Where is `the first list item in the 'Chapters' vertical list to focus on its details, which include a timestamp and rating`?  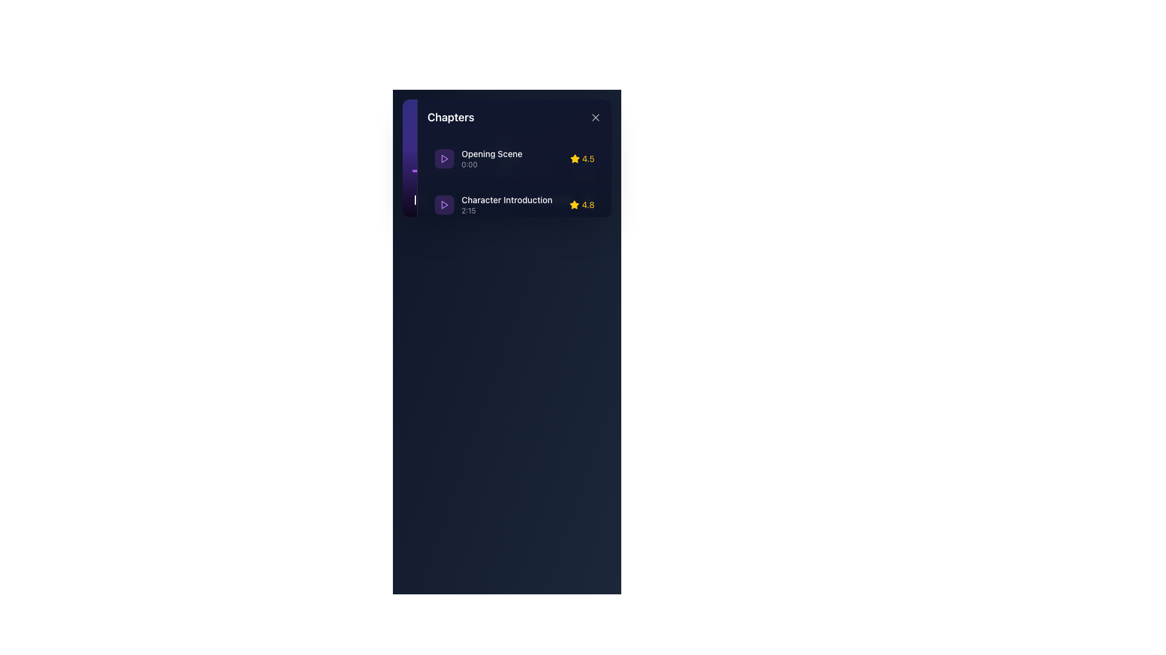 the first list item in the 'Chapters' vertical list to focus on its details, which include a timestamp and rating is located at coordinates (507, 156).